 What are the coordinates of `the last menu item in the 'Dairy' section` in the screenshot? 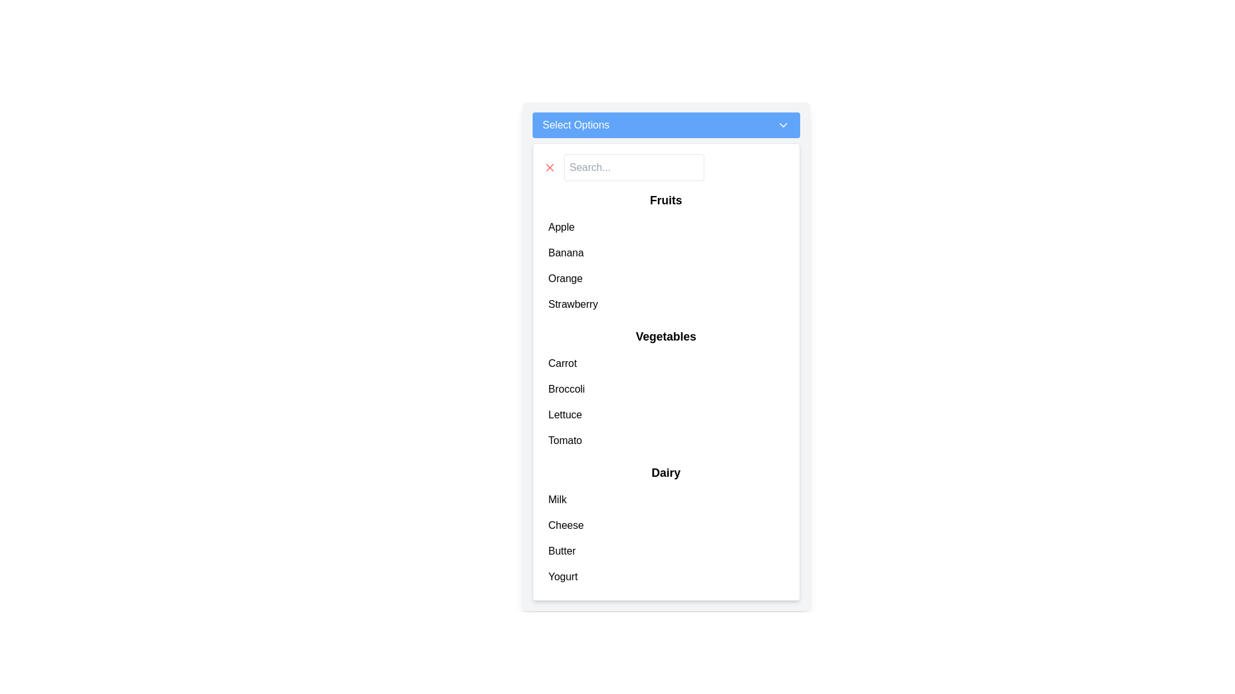 It's located at (563, 576).